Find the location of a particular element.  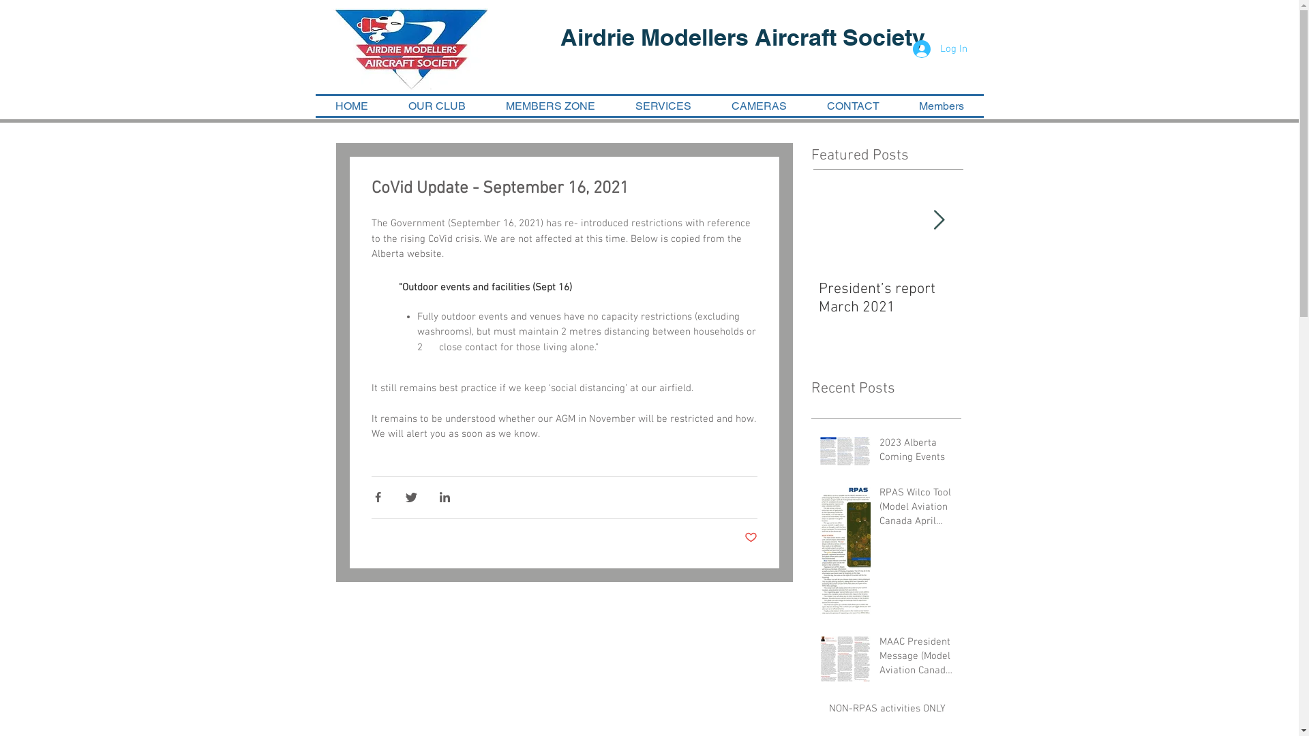

'Members' is located at coordinates (940, 105).